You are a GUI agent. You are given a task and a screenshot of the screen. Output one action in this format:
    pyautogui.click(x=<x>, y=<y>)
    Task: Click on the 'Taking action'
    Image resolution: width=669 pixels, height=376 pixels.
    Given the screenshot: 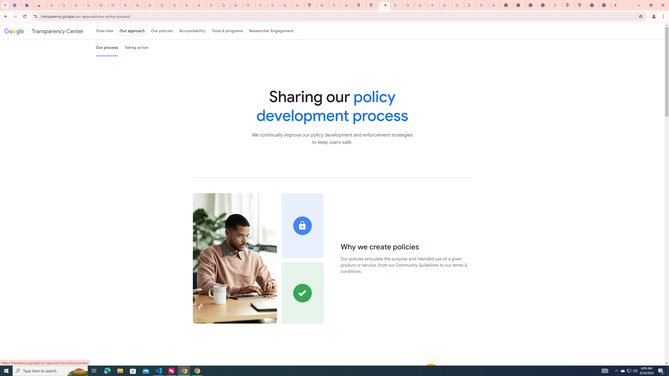 What is the action you would take?
    pyautogui.click(x=136, y=47)
    